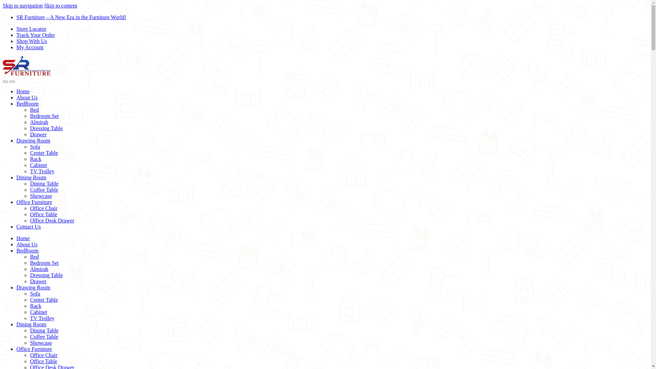 Image resolution: width=656 pixels, height=369 pixels. What do you see at coordinates (35, 146) in the screenshot?
I see `'Sofa'` at bounding box center [35, 146].